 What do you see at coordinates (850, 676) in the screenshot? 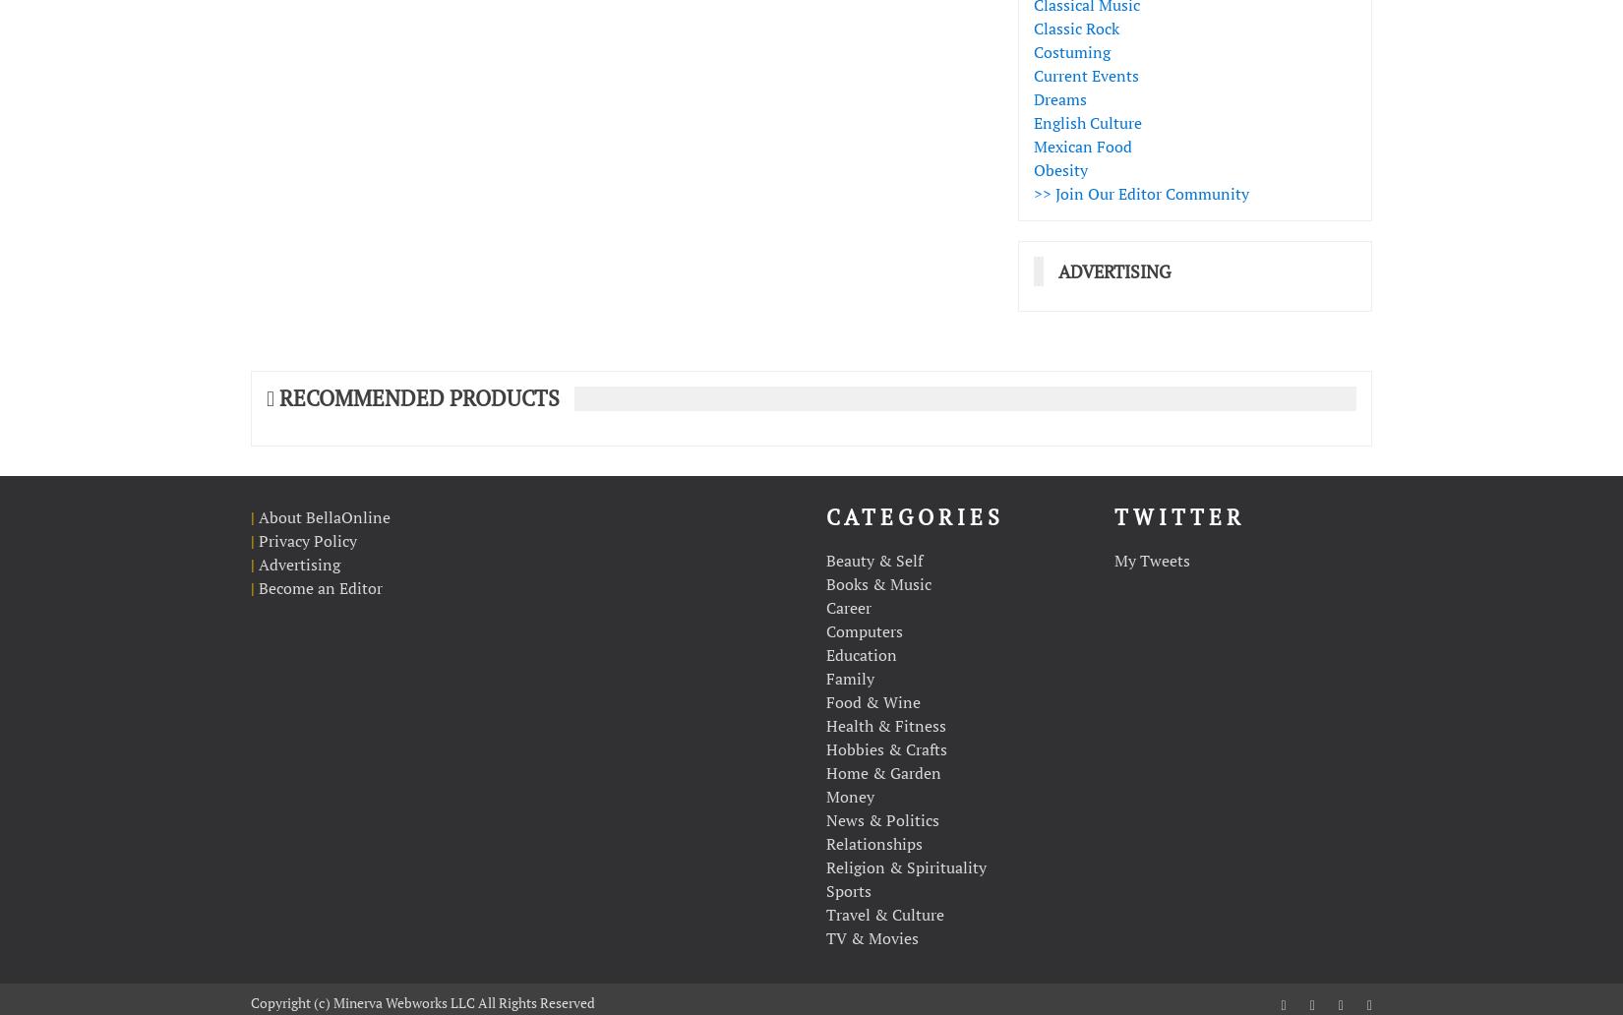
I see `'Family'` at bounding box center [850, 676].